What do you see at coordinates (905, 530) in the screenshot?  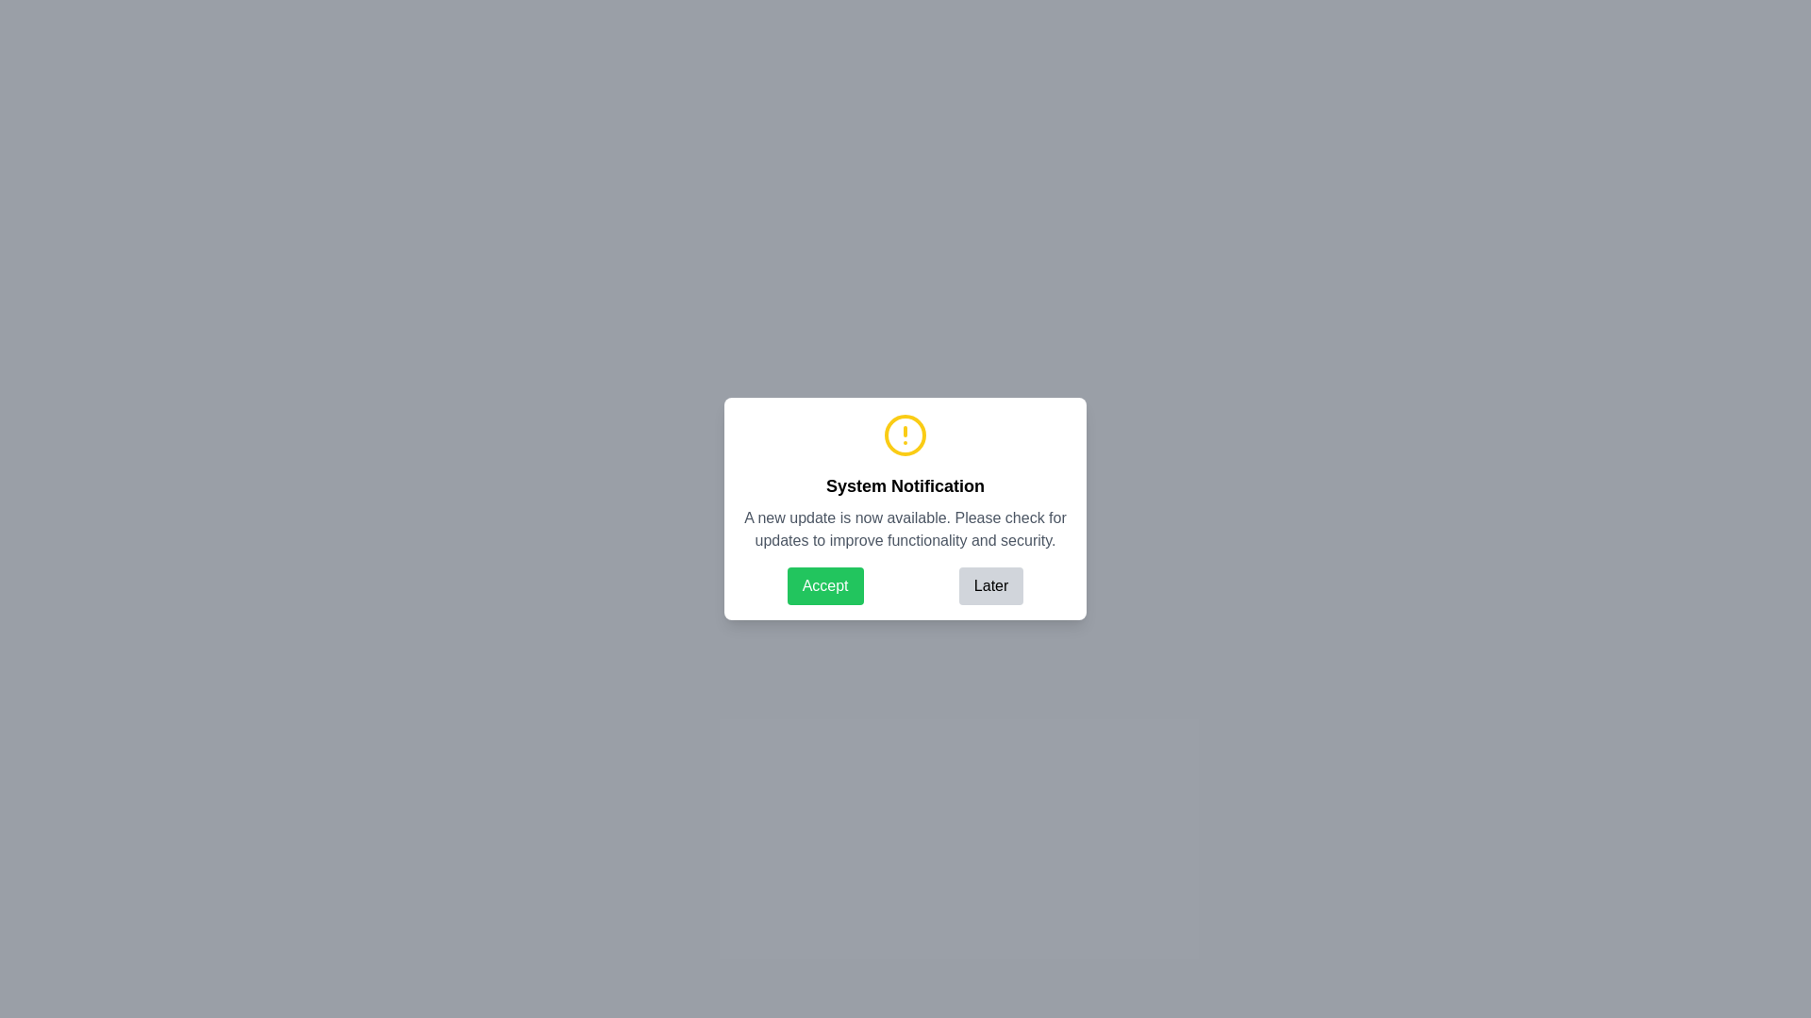 I see `the Text Label displaying the message 'A new update is now available. Please check for updates to improve functionality and security.' located in the notification dialog below the header 'System Notification.'` at bounding box center [905, 530].